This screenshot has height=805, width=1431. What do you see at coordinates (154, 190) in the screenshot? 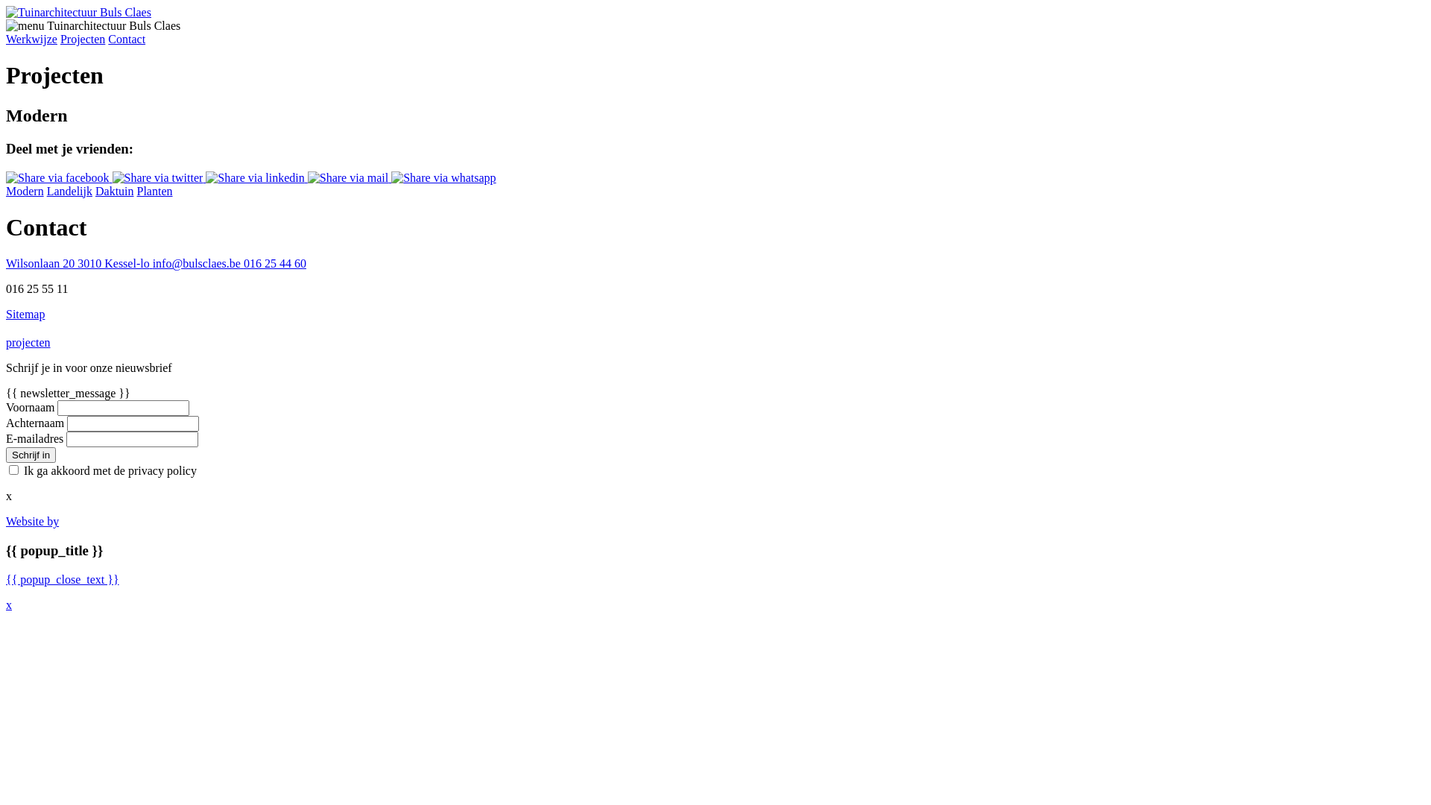
I see `'Planten'` at bounding box center [154, 190].